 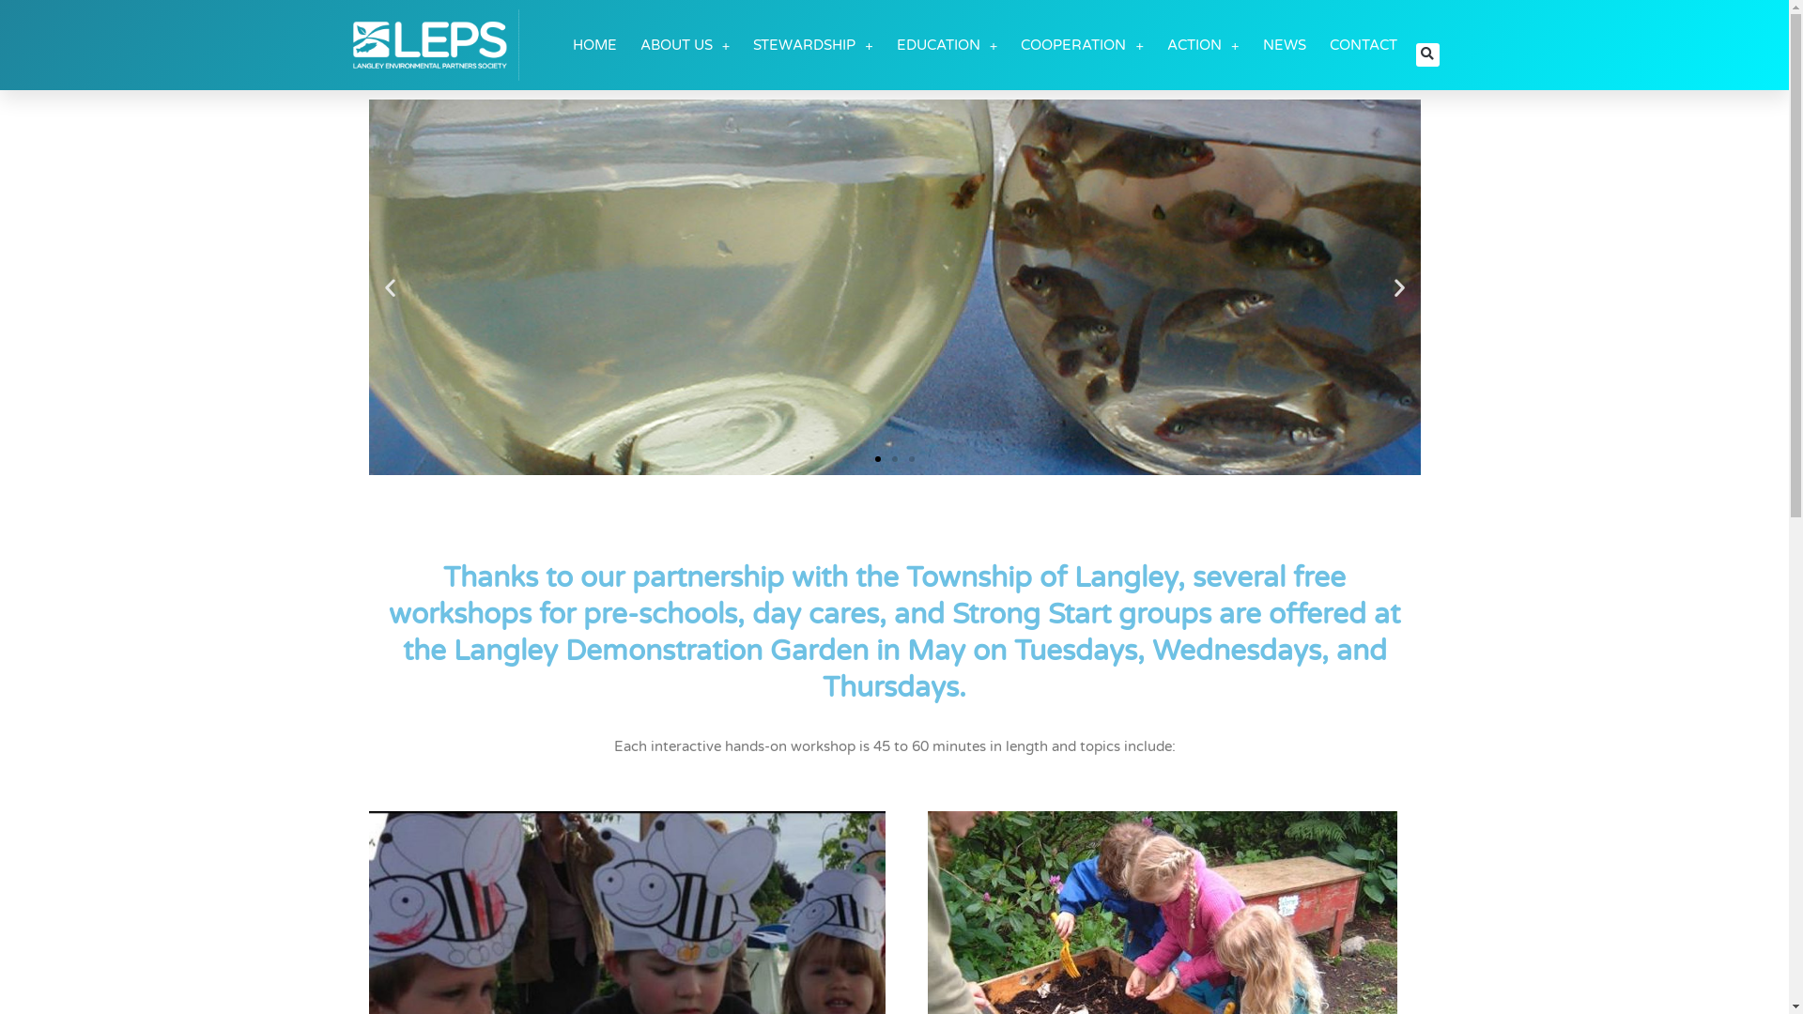 What do you see at coordinates (1364, 43) in the screenshot?
I see `'CONTACT'` at bounding box center [1364, 43].